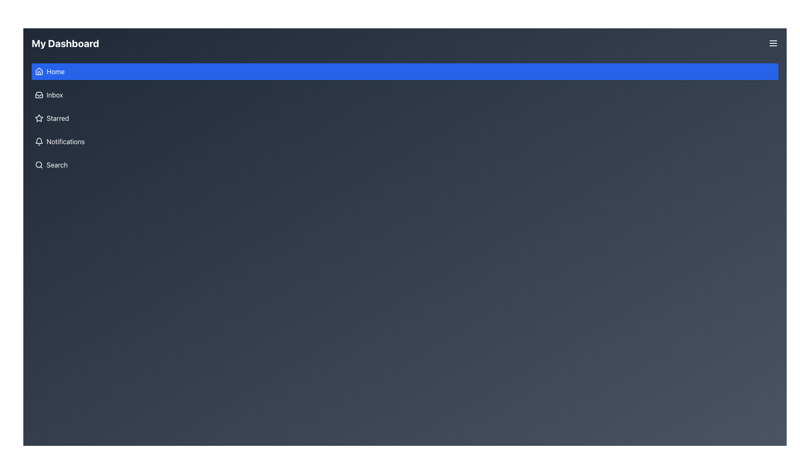 The height and width of the screenshot is (450, 800). Describe the element at coordinates (773, 43) in the screenshot. I see `the menu icon with three horizontal lines located at the top-right corner of 'My Dashboard'` at that location.